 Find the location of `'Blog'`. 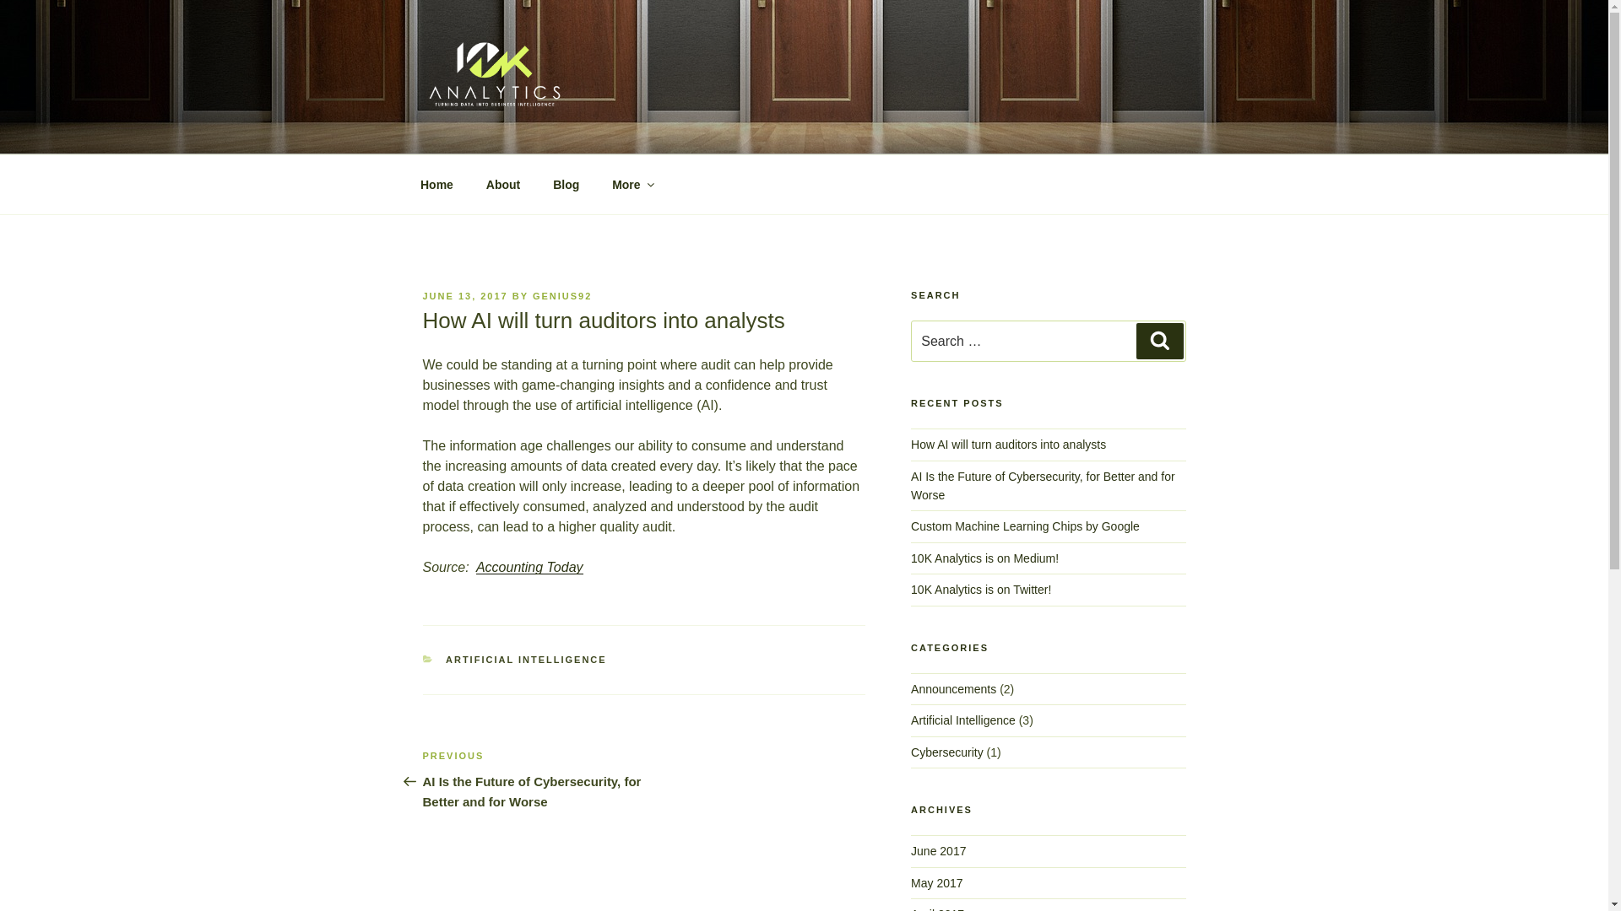

'Blog' is located at coordinates (567, 184).